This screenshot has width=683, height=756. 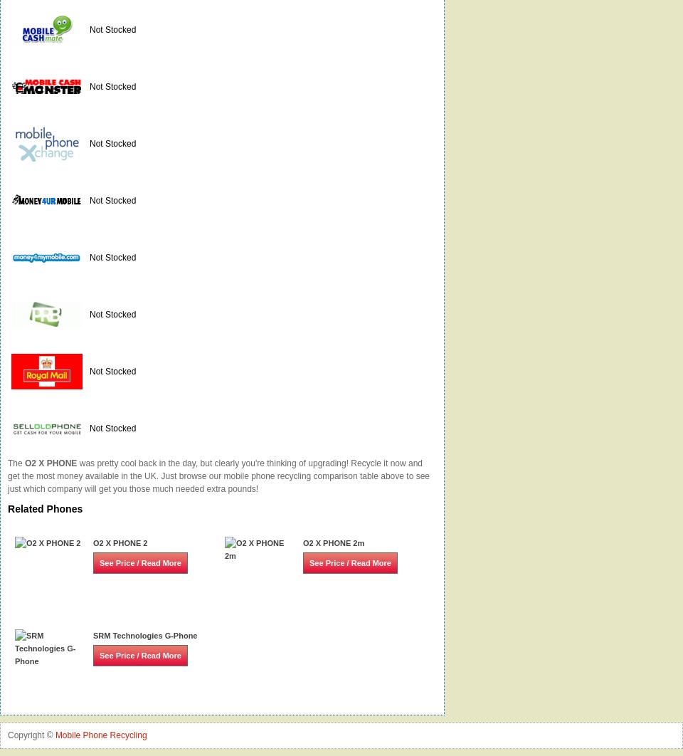 I want to click on 'Related Phones', so click(x=45, y=509).